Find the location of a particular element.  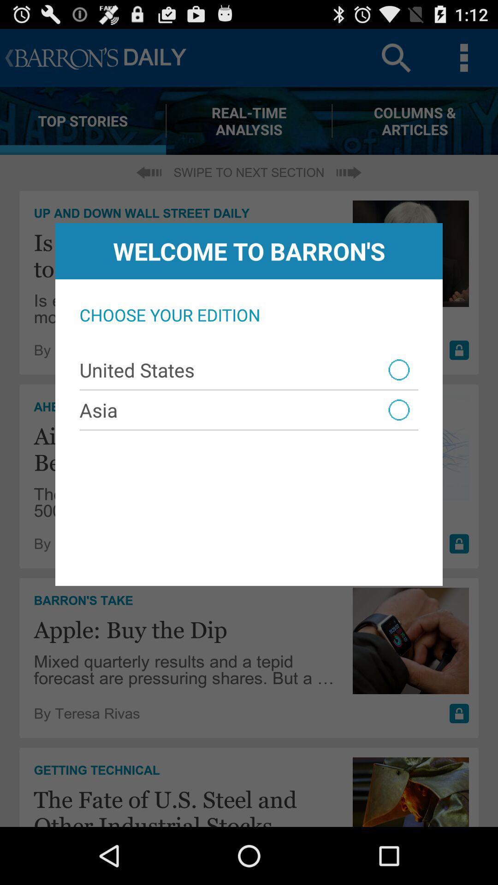

the united states icon is located at coordinates (249, 370).